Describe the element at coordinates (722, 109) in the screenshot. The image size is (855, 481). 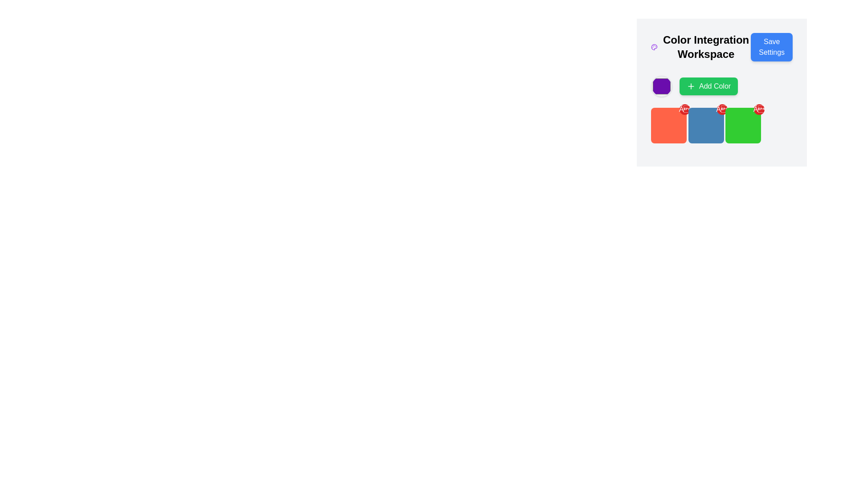
I see `the close or delete button located at the top-right corner of the blue square tile in the second position among three tiles below the header 'Color Integration Workspace'` at that location.